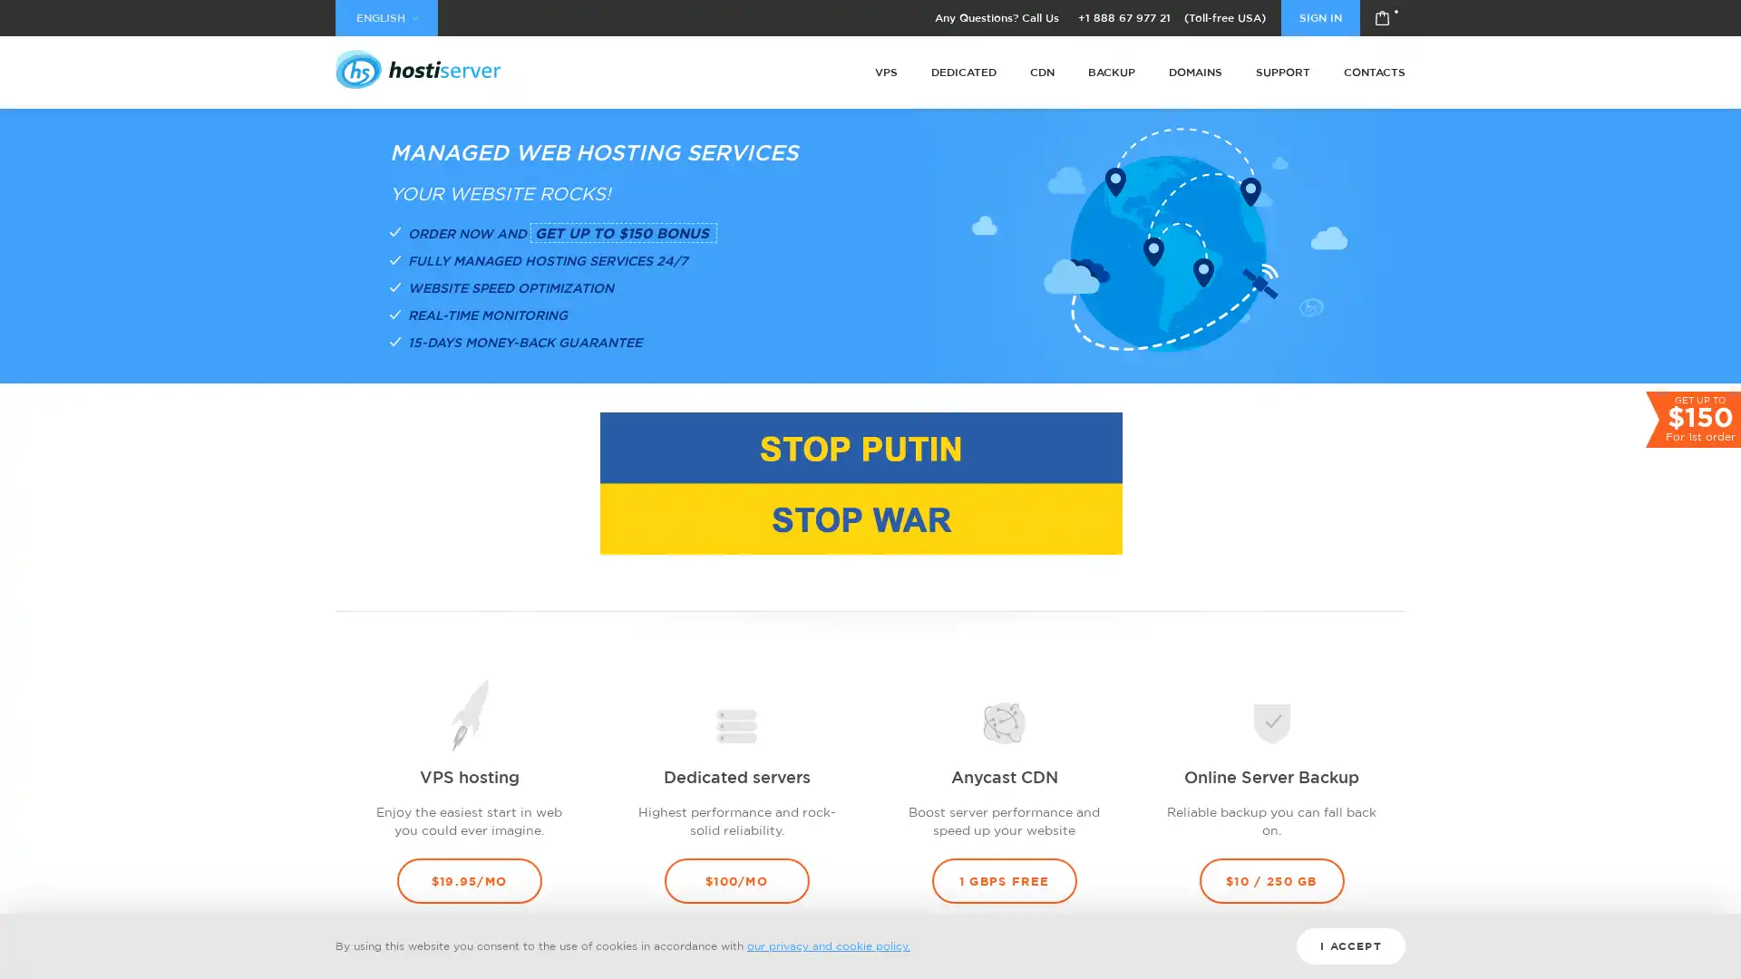 The image size is (1741, 979). What do you see at coordinates (1350, 945) in the screenshot?
I see `I ACCEPT` at bounding box center [1350, 945].